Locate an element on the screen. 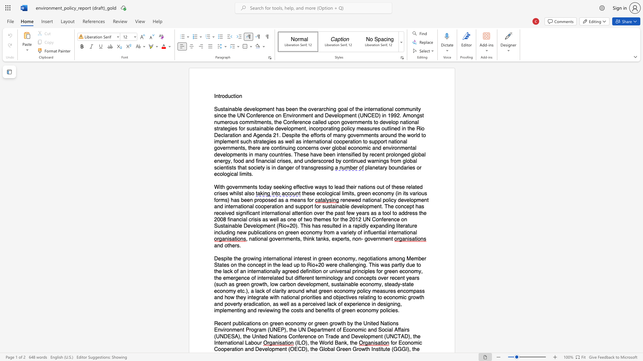 The image size is (643, 361). the subset text "imits" within the text "planetary boundaries or ecological limits." is located at coordinates (240, 174).